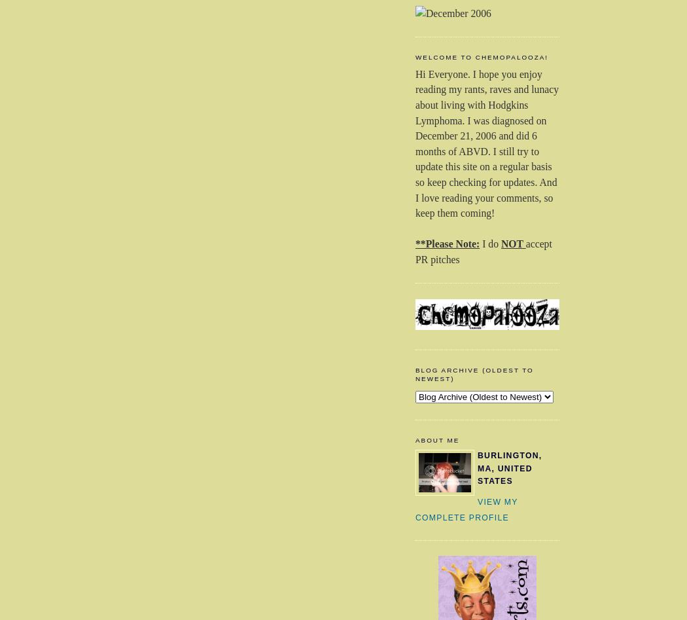  I want to click on 'I do', so click(481, 243).